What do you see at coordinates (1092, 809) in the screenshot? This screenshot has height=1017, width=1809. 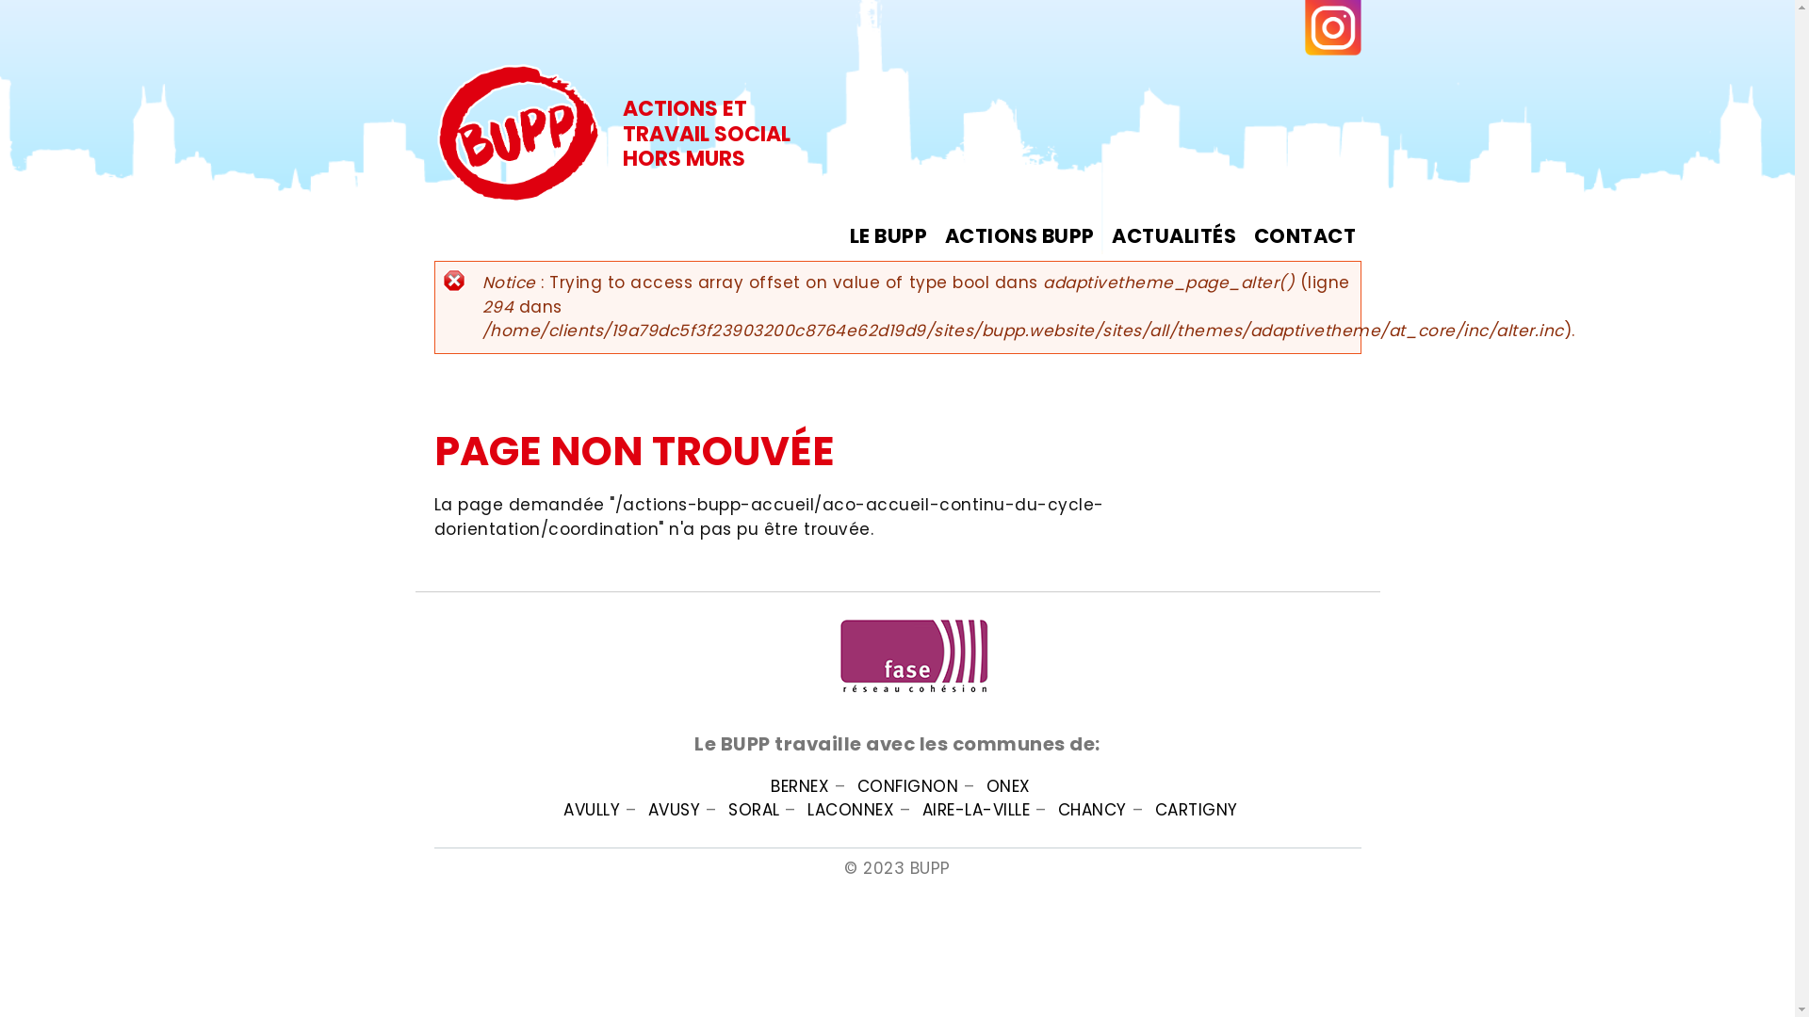 I see `'CHANCY'` at bounding box center [1092, 809].